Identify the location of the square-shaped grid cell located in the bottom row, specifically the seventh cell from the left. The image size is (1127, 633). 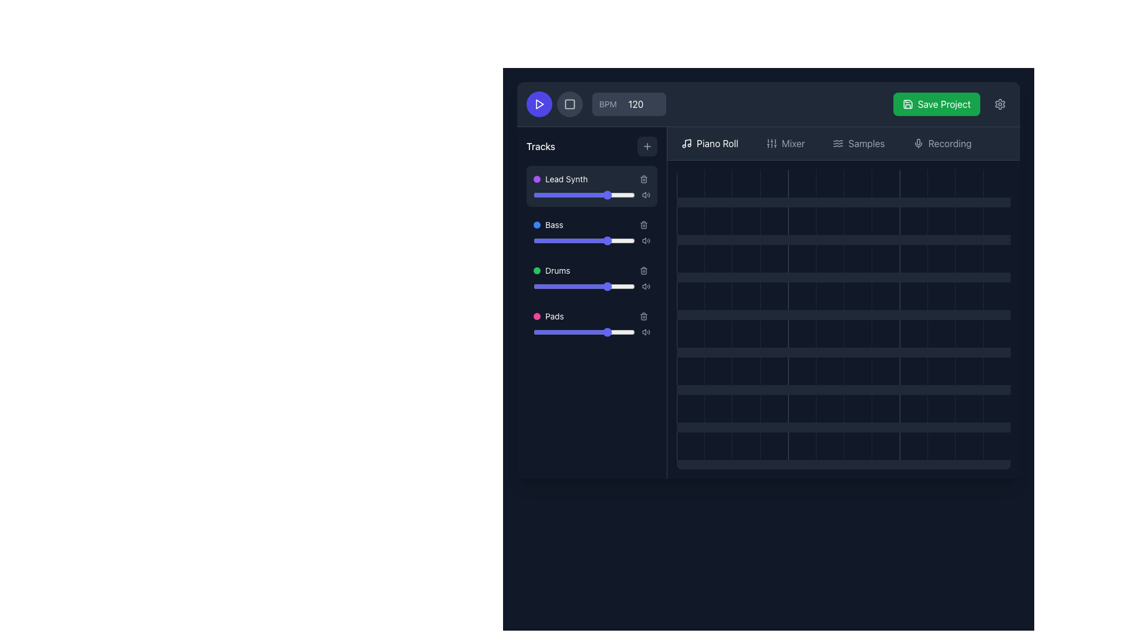
(858, 446).